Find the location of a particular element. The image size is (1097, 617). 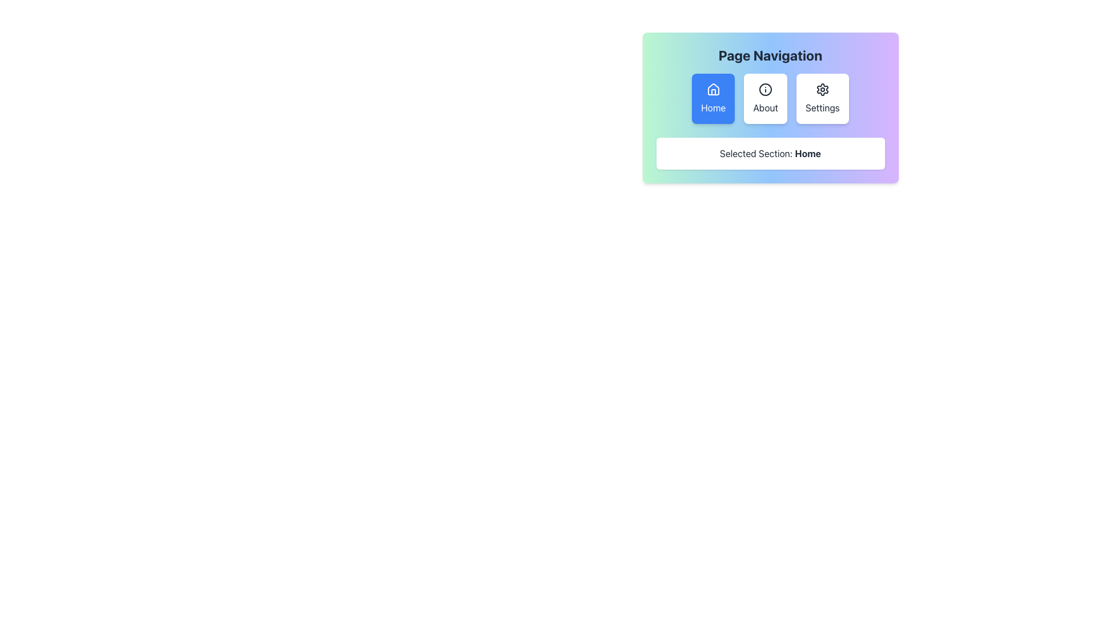

the 'About' button, which is the second button in a horizontal navigation menu is located at coordinates (766, 98).